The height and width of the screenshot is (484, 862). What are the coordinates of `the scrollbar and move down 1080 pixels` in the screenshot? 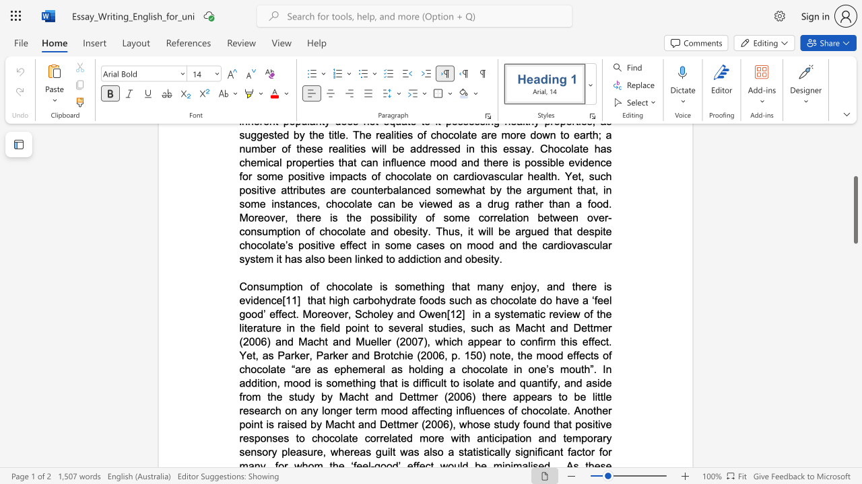 It's located at (855, 210).